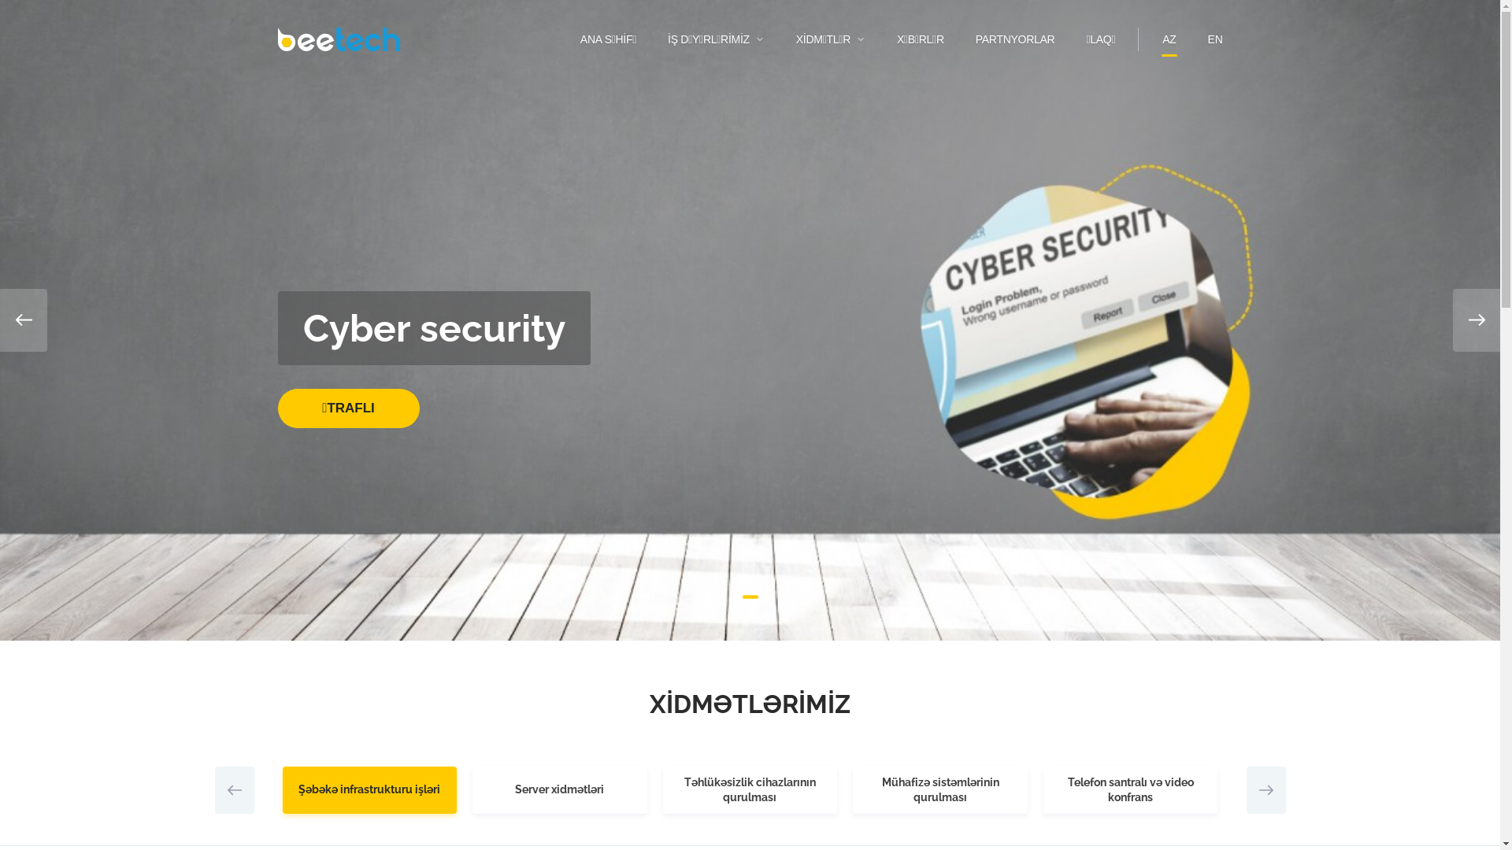 Image resolution: width=1512 pixels, height=850 pixels. I want to click on 'AZ', so click(1162, 39).